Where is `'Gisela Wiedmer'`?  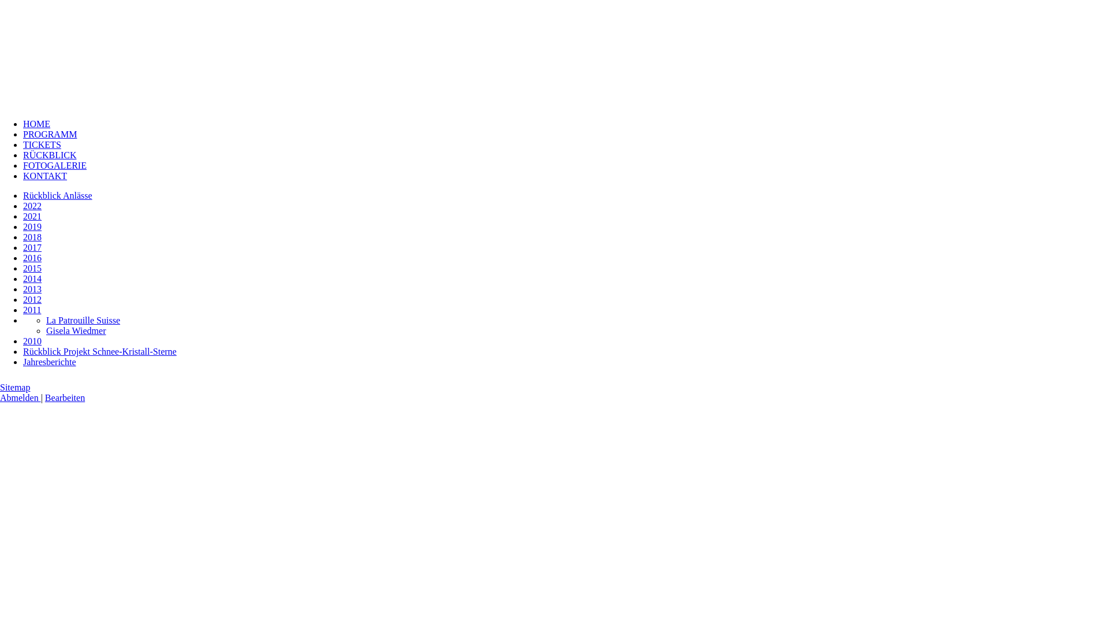 'Gisela Wiedmer' is located at coordinates (75, 330).